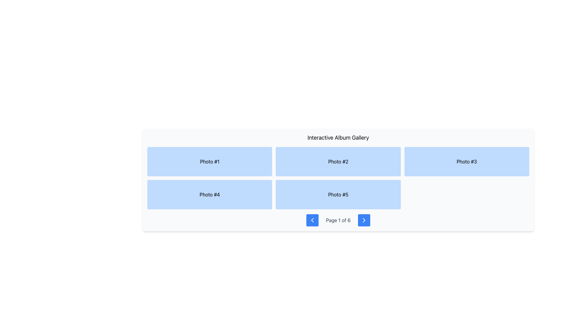 Image resolution: width=587 pixels, height=330 pixels. I want to click on the next page button in the pagination controls at the bottom center of the interface, so click(364, 220).